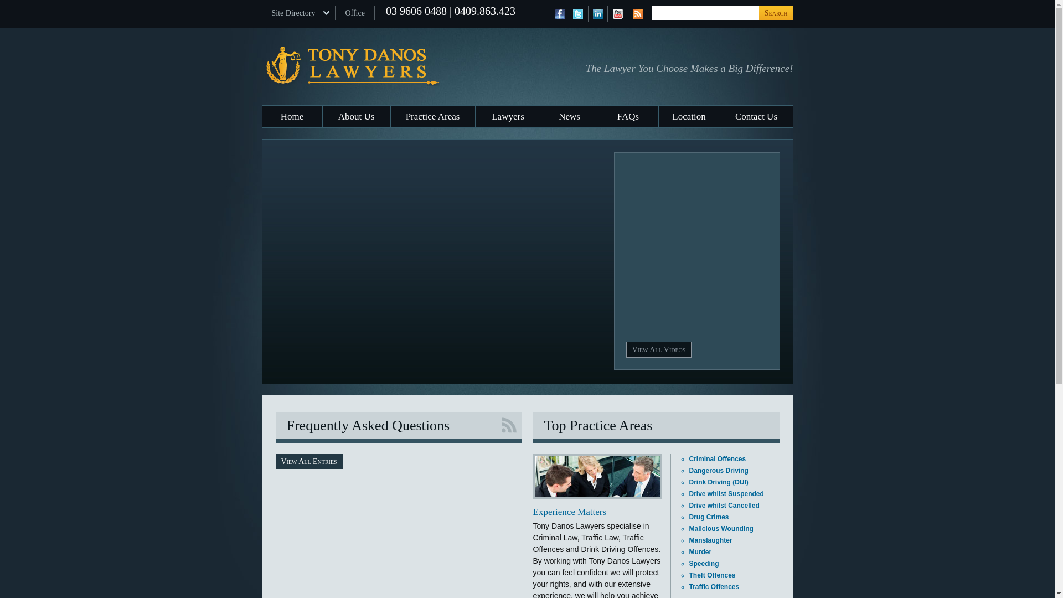  What do you see at coordinates (755, 116) in the screenshot?
I see `'Contact Us'` at bounding box center [755, 116].